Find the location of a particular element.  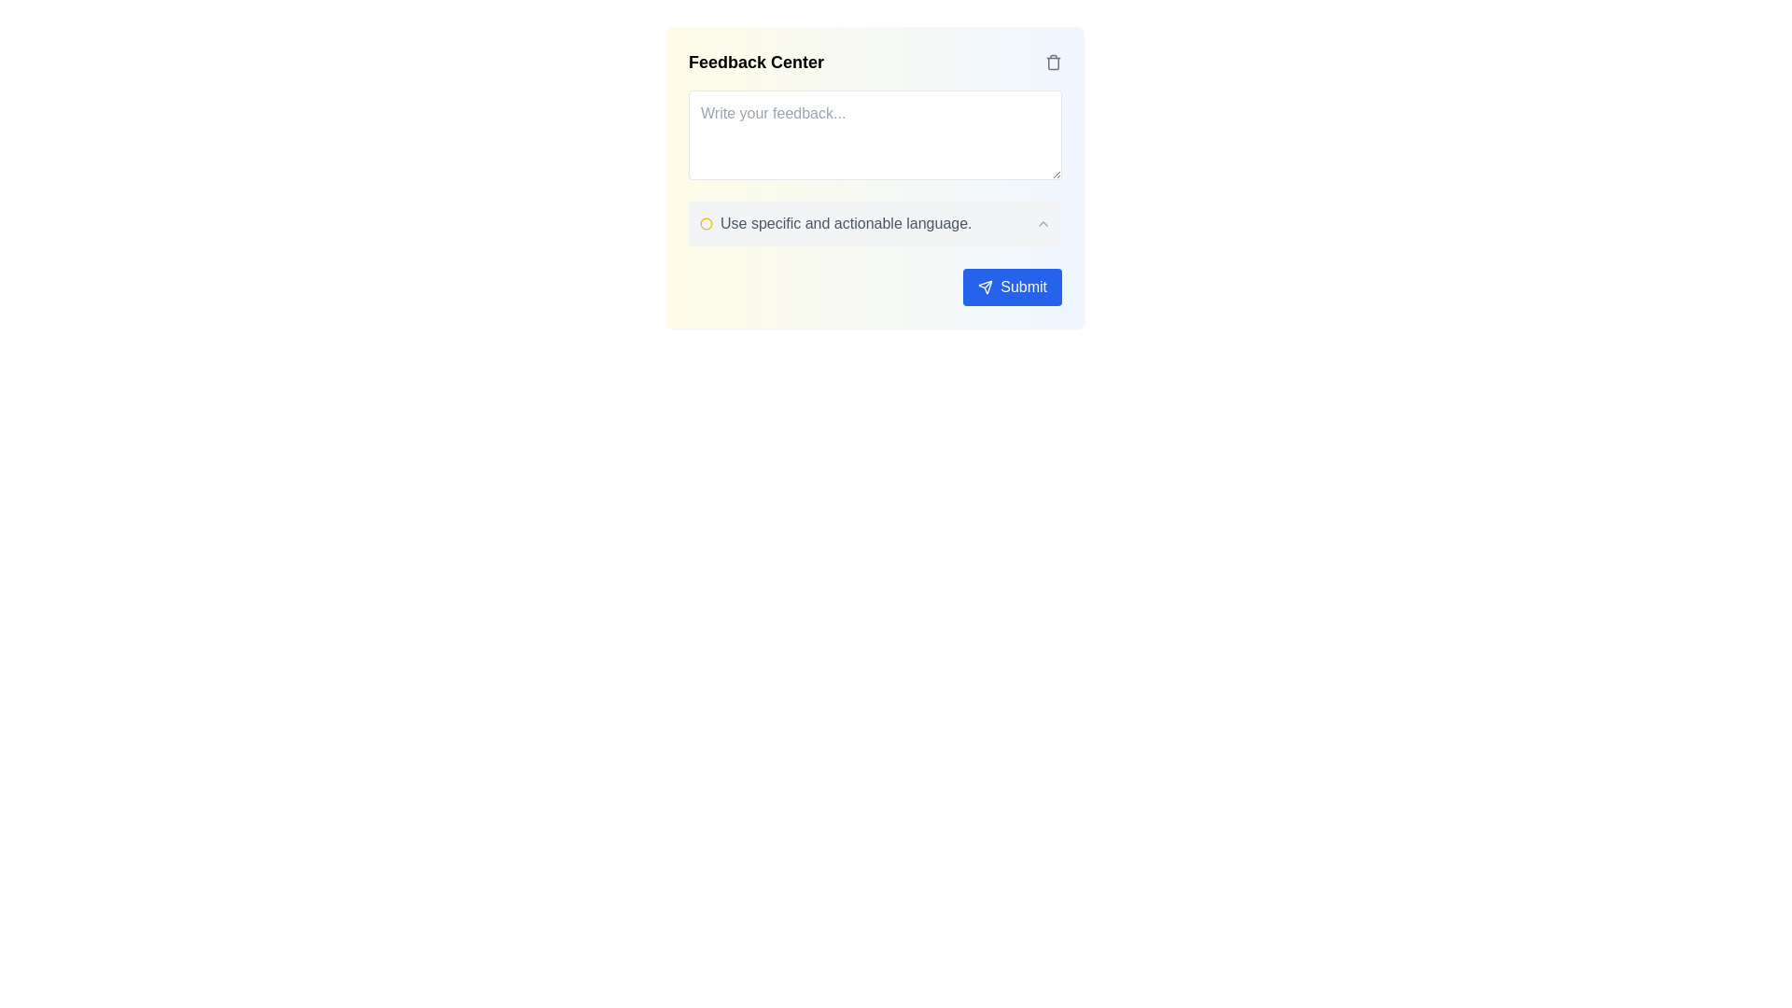

the visual indicator icon to the left of the 'Submit' text on the Submit button located at the bottom right corner of the Feedback Center component is located at coordinates (985, 287).